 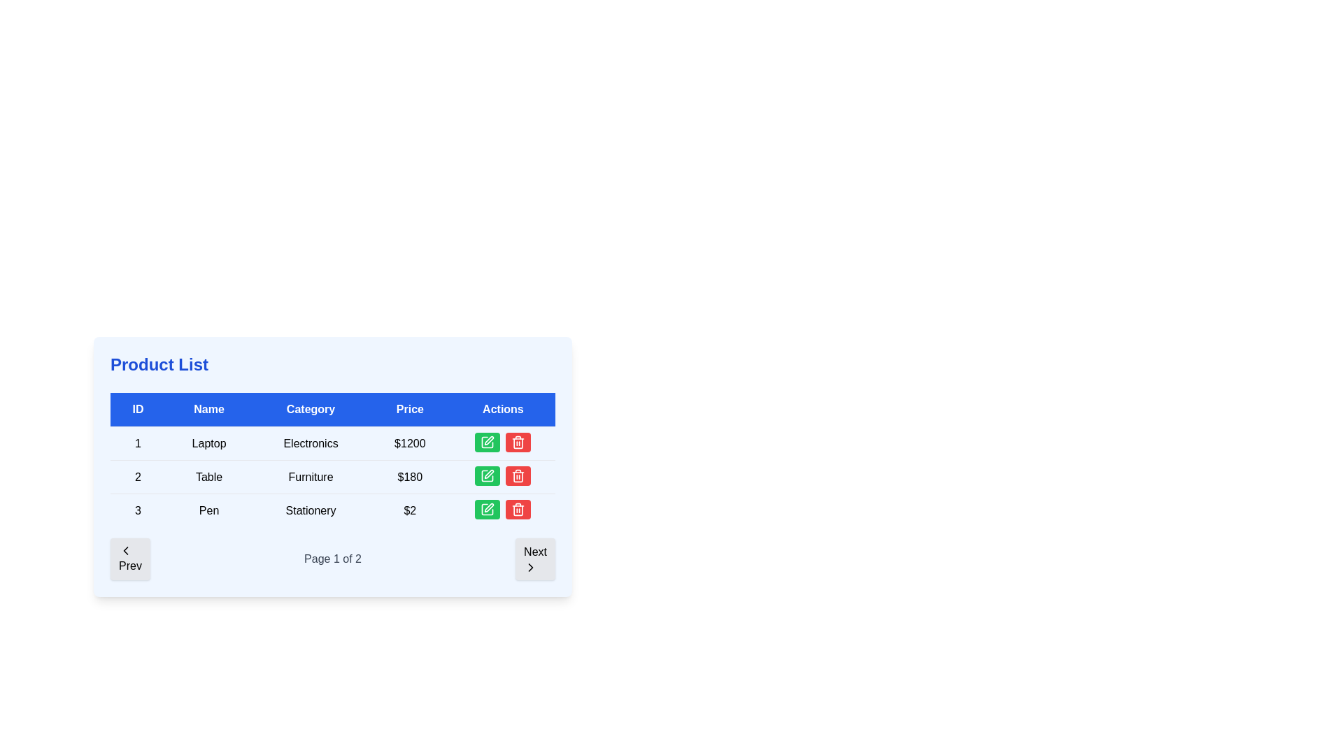 I want to click on the text label displaying the product name 'Pen' located in the third row of the product list table under the 'Name' column, so click(x=208, y=510).